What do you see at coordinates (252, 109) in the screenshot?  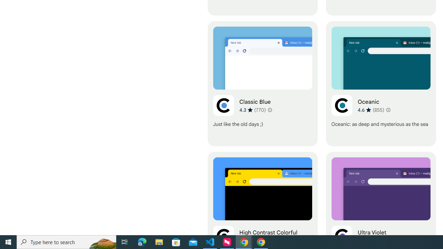 I see `'Average rating 4.3 out of 5 stars. 770 ratings.'` at bounding box center [252, 109].